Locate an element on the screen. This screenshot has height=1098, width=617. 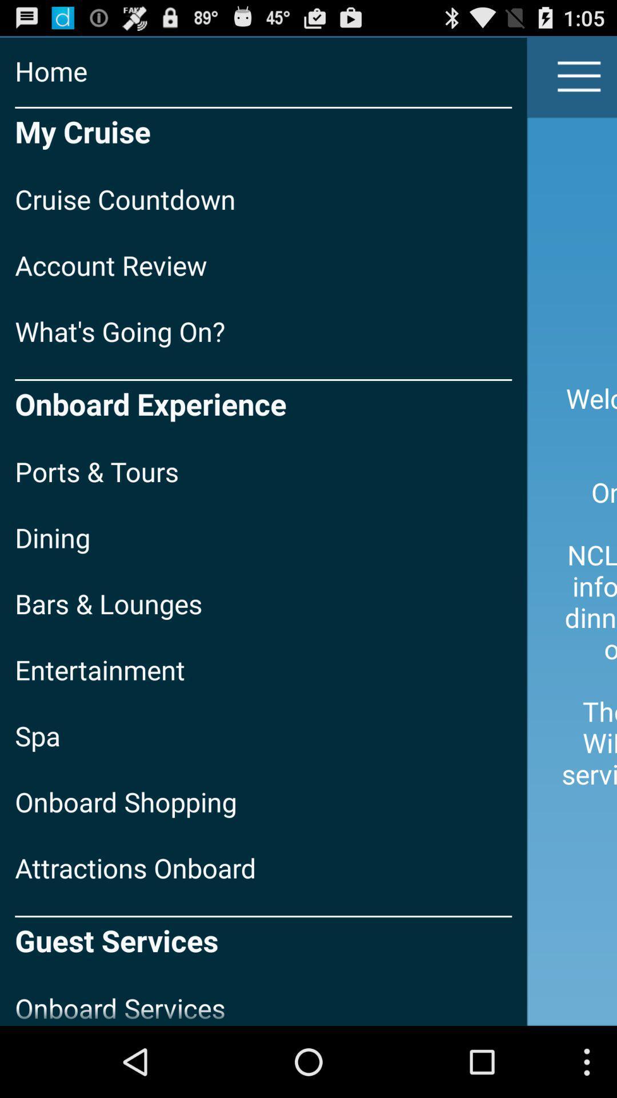
the menu icon is located at coordinates (579, 81).